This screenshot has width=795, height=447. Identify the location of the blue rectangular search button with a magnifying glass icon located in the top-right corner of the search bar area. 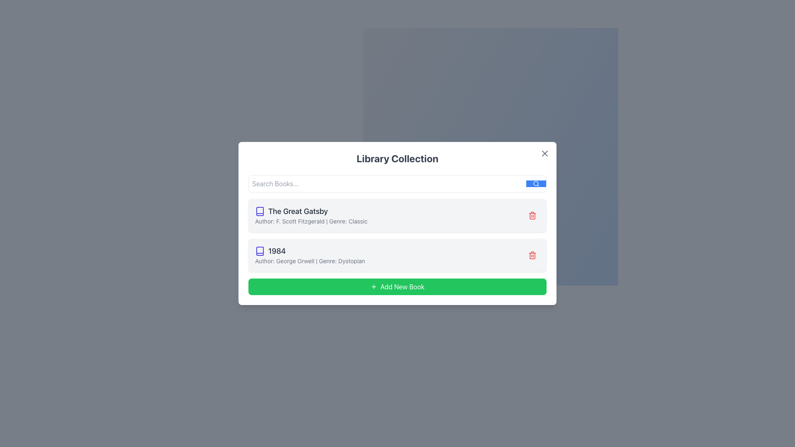
(536, 183).